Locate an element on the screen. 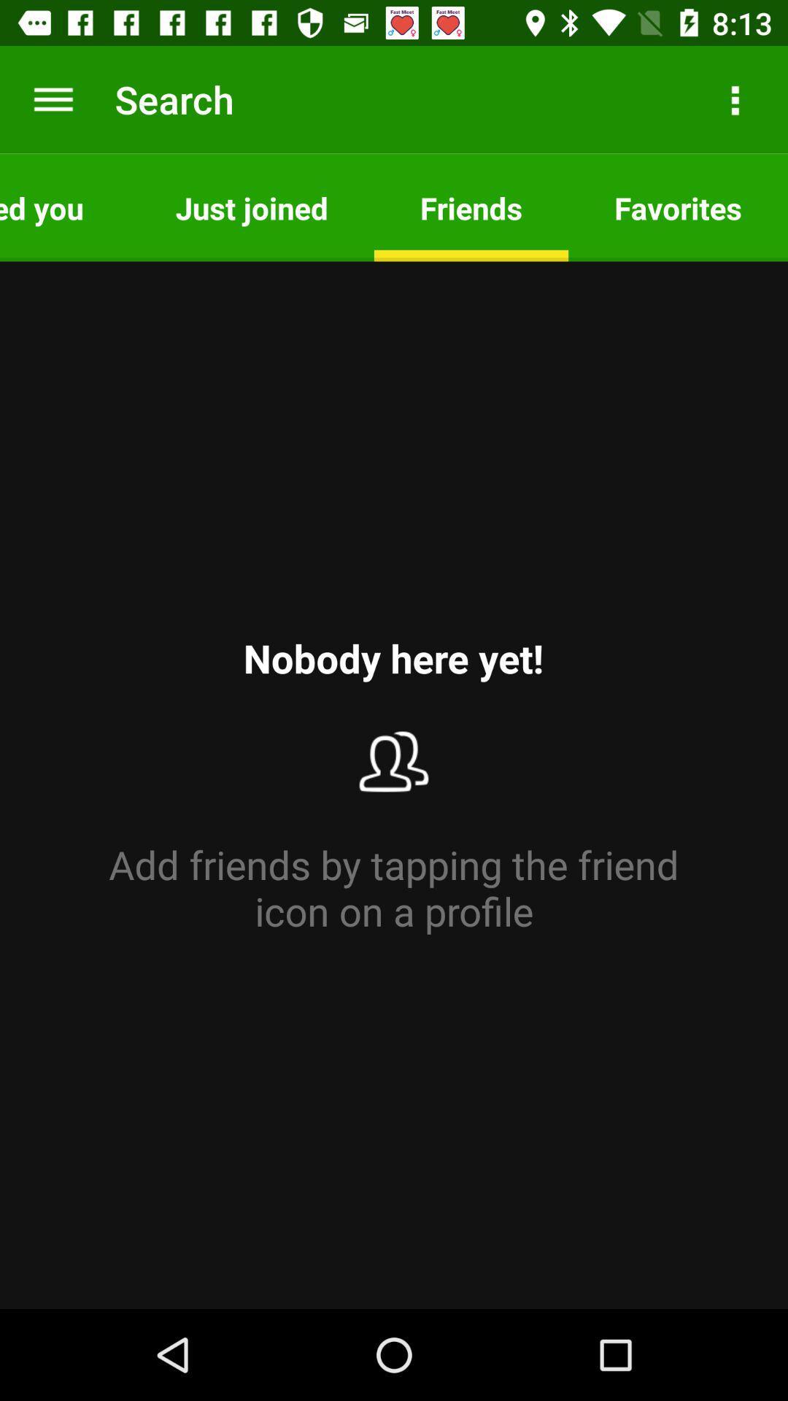 The height and width of the screenshot is (1401, 788). the app next to friends icon is located at coordinates (251, 207).